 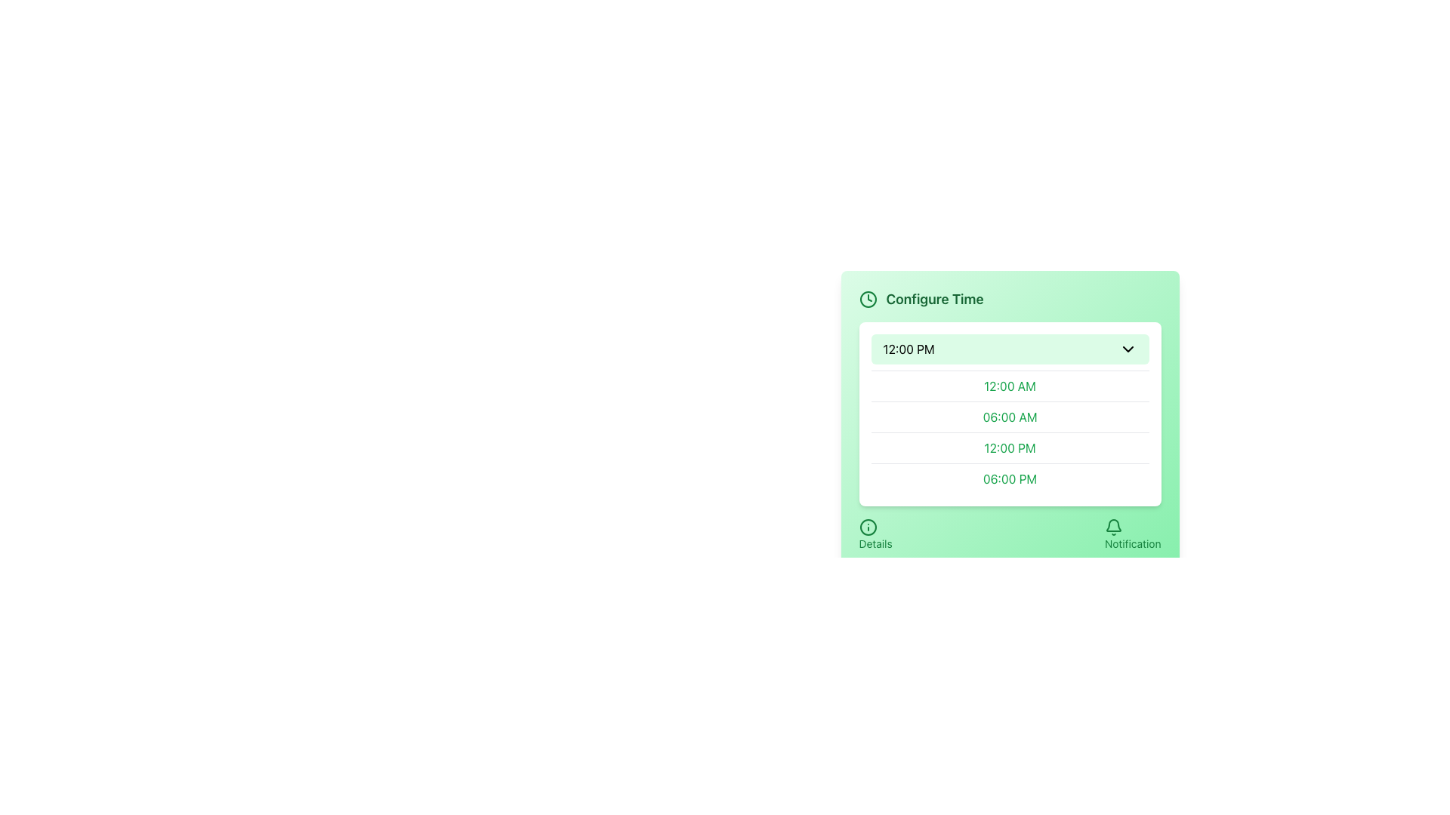 What do you see at coordinates (868, 526) in the screenshot?
I see `the circular icon with a light green interface located in the 'Details' section at the bottom left corner of the panel` at bounding box center [868, 526].